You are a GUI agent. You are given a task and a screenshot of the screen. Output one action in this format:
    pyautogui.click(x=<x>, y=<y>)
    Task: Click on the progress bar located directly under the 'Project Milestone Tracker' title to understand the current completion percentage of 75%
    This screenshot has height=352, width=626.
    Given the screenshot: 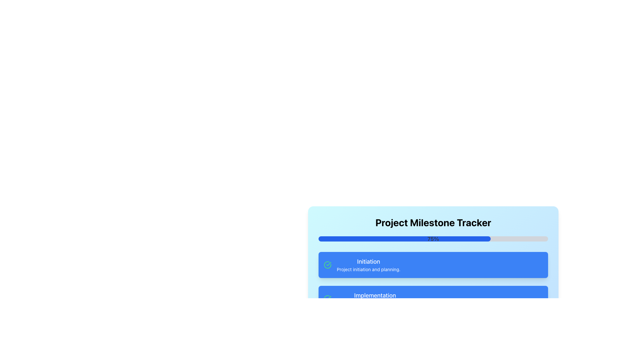 What is the action you would take?
    pyautogui.click(x=433, y=239)
    